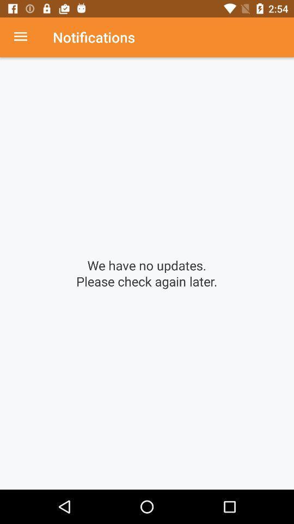 The width and height of the screenshot is (294, 524). Describe the element at coordinates (26, 37) in the screenshot. I see `open menu up` at that location.